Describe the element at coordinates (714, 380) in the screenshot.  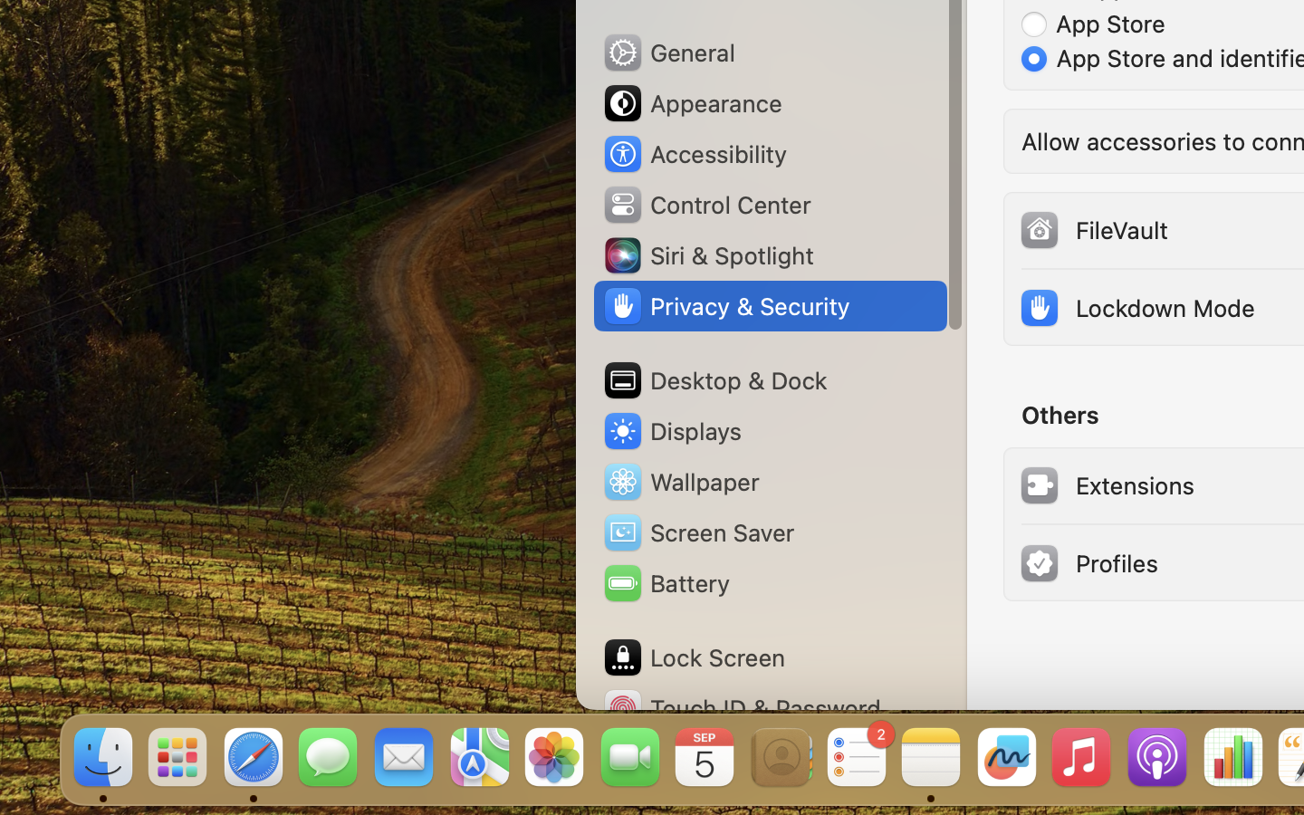
I see `'Desktop & Dock'` at that location.